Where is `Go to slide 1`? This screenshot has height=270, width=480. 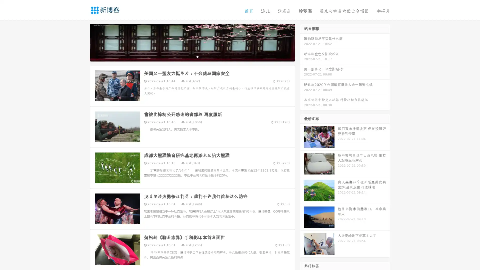
Go to slide 1 is located at coordinates (187, 56).